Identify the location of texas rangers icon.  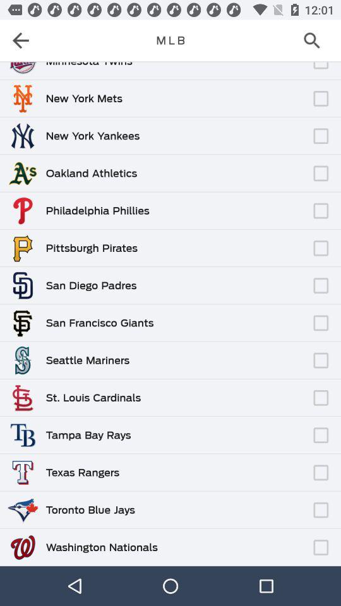
(82, 472).